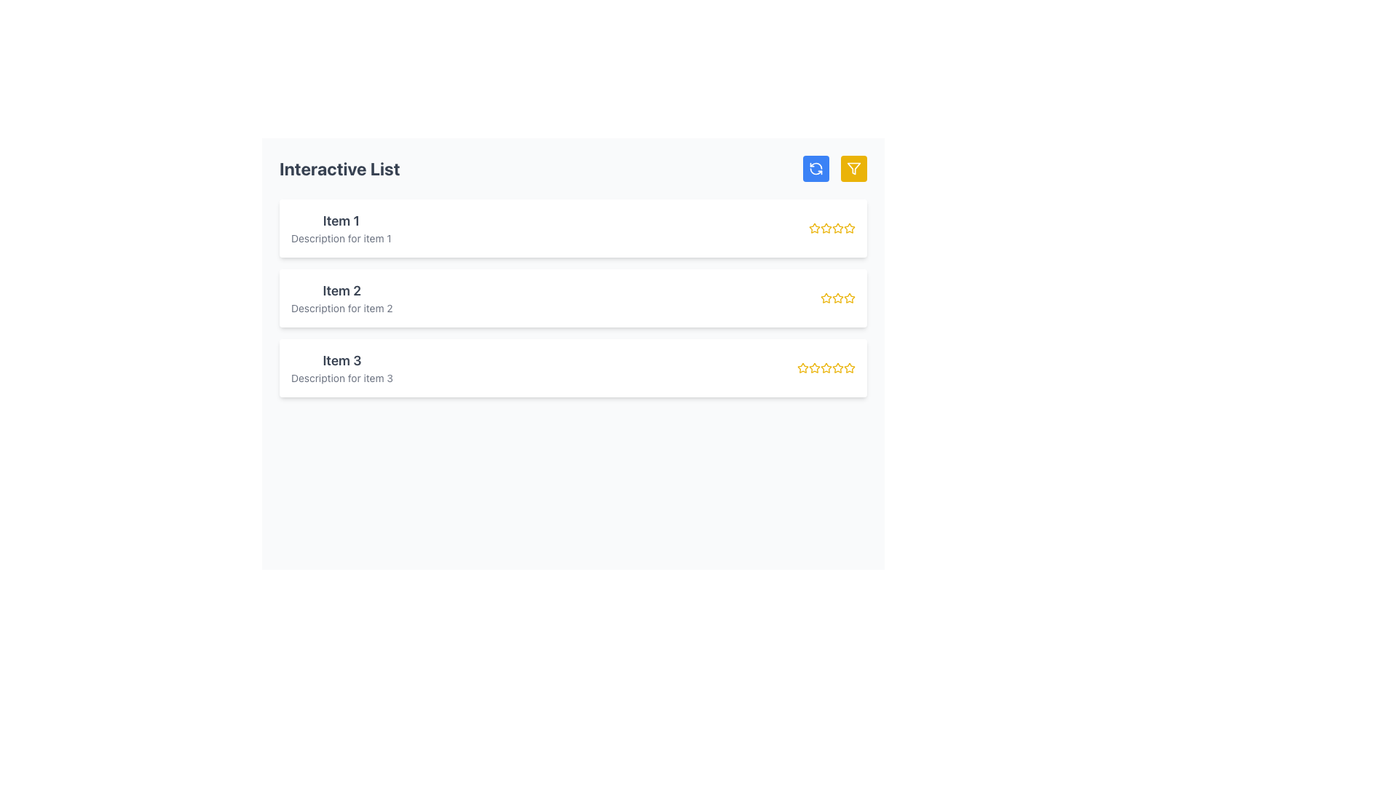 Image resolution: width=1398 pixels, height=786 pixels. What do you see at coordinates (816, 167) in the screenshot?
I see `the refresh icon within the blue button located at the top-right corner of the interface` at bounding box center [816, 167].